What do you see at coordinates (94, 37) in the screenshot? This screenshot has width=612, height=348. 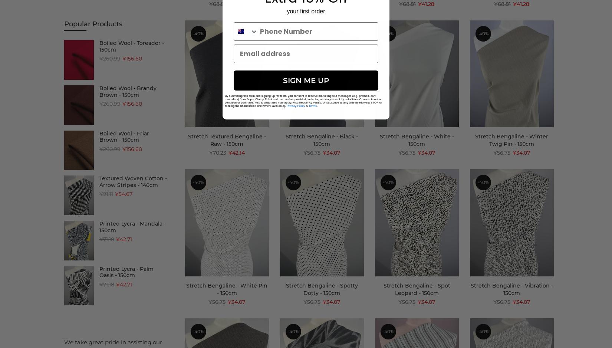 I see `'(3)'` at bounding box center [94, 37].